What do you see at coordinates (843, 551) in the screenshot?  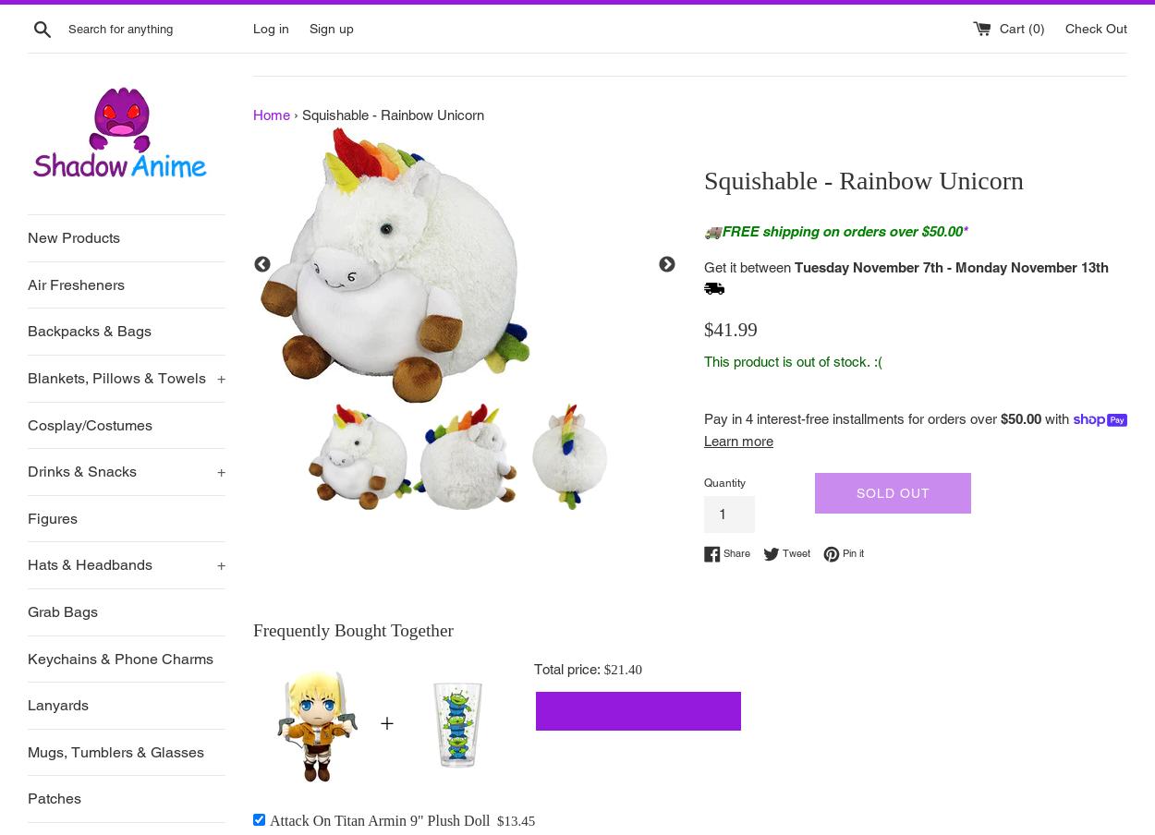 I see `'Pin it'` at bounding box center [843, 551].